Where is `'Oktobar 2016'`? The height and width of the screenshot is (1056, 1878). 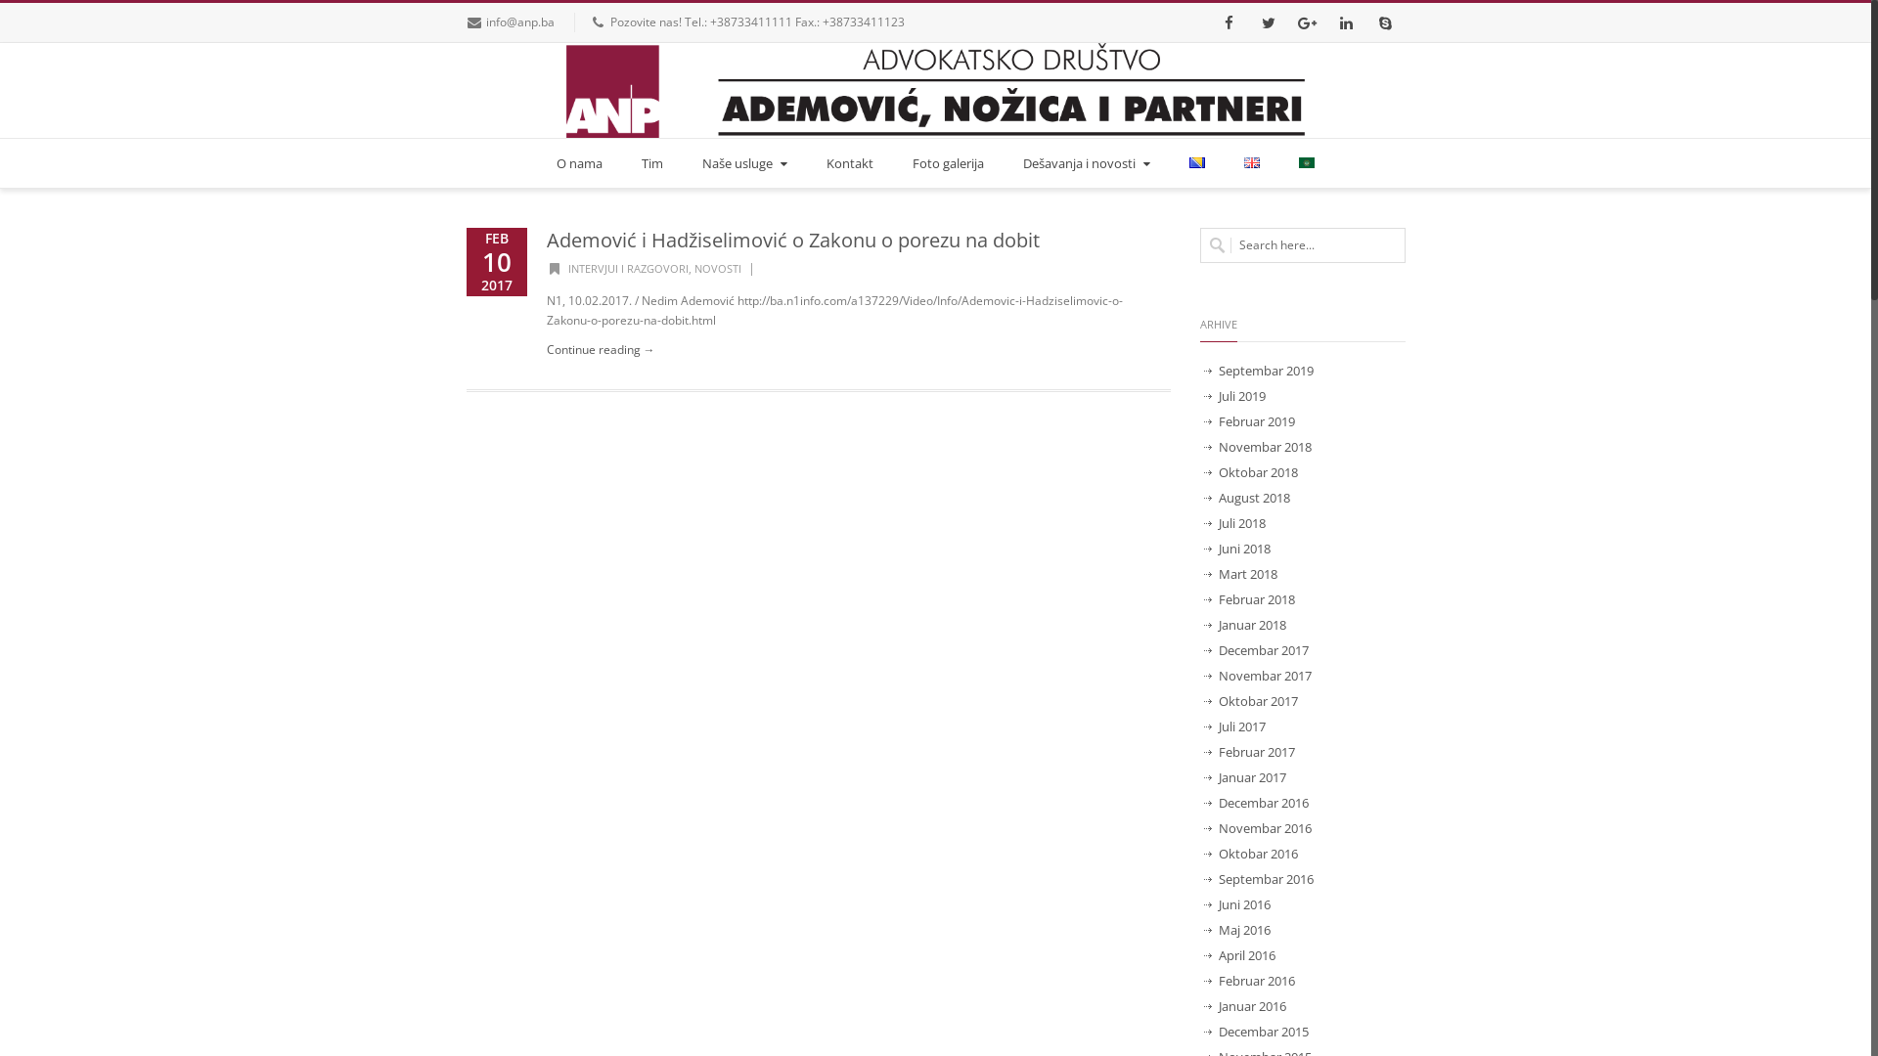 'Oktobar 2016' is located at coordinates (1250, 852).